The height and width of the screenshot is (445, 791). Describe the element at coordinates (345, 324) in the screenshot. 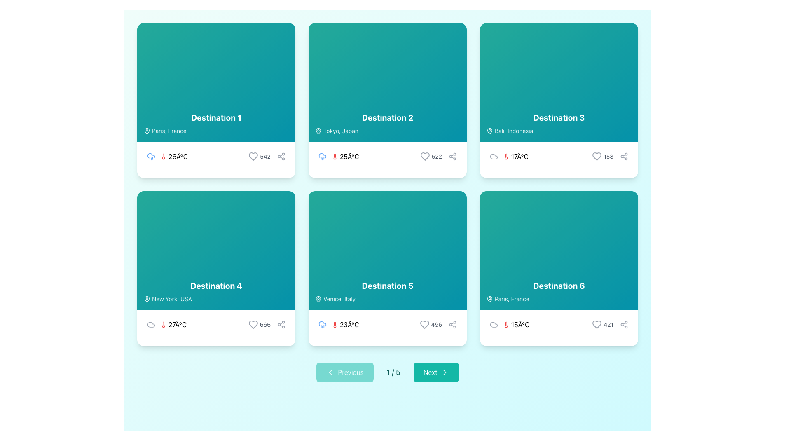

I see `the temperature display labeled '23°C' next to the red thermometer icon in the 'Destination 5' card, which is positioned among weather-related icons` at that location.